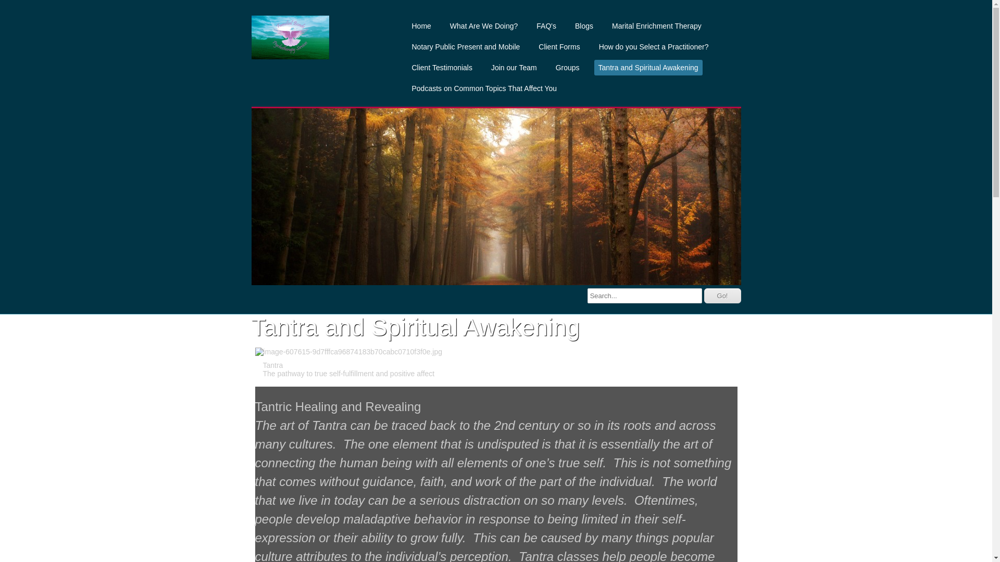 This screenshot has height=562, width=1000. Describe the element at coordinates (584, 25) in the screenshot. I see `'Blogs'` at that location.